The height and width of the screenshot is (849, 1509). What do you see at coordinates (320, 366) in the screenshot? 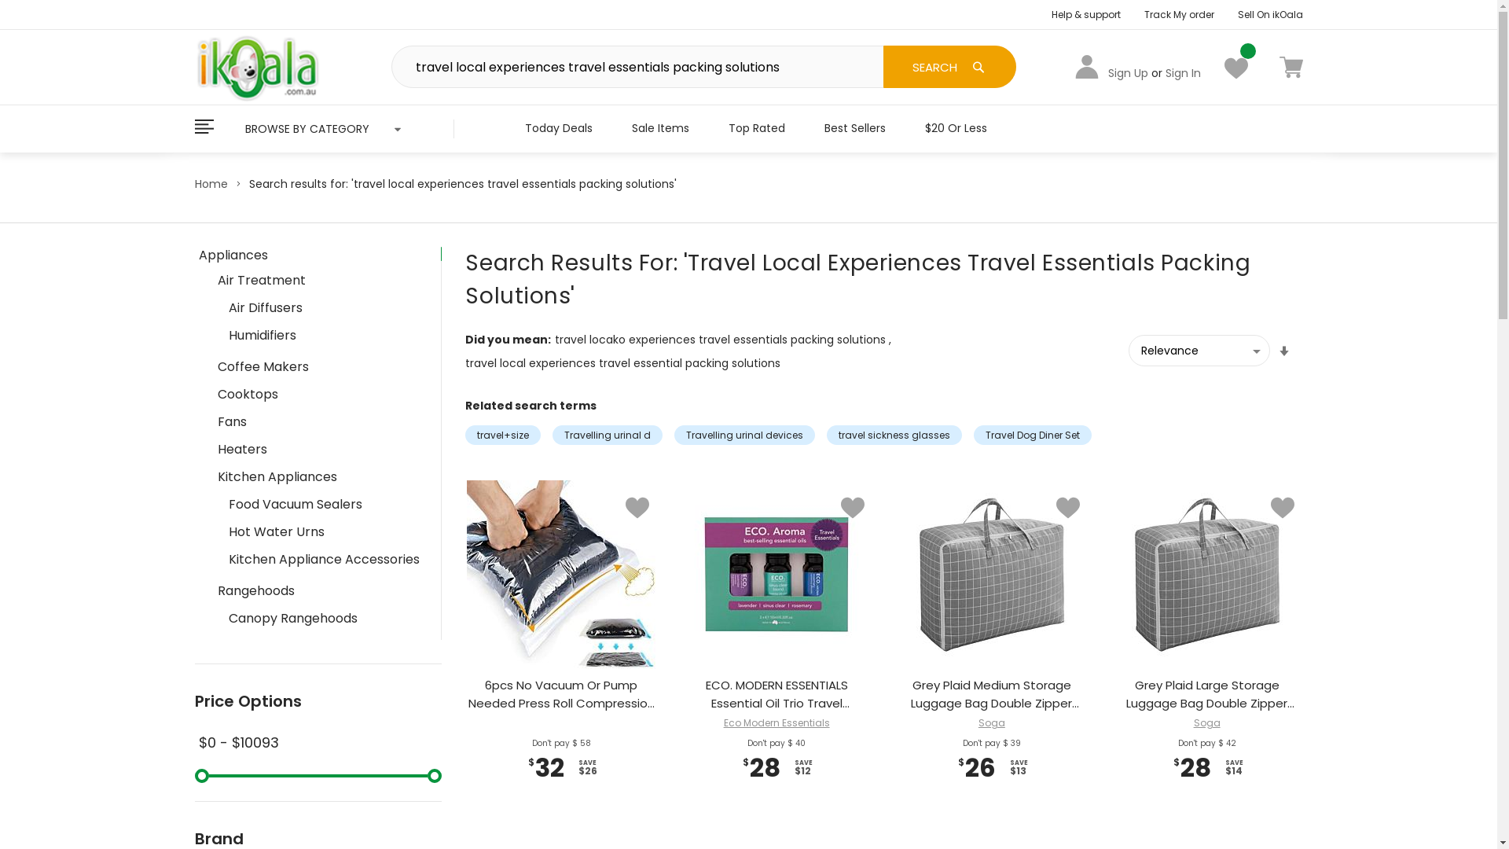
I see `'Coffee Makers'` at bounding box center [320, 366].